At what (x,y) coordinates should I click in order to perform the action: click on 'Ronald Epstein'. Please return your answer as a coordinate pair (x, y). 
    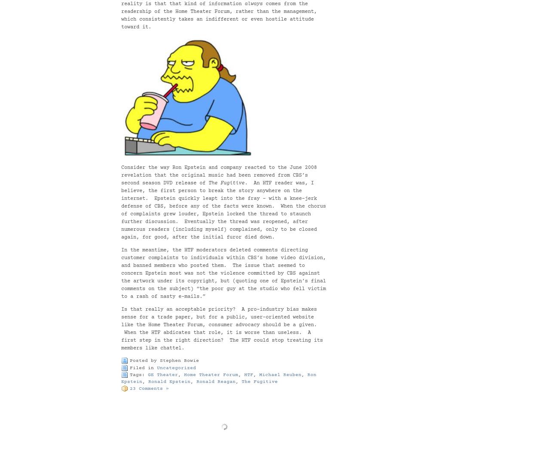
    Looking at the image, I should click on (169, 382).